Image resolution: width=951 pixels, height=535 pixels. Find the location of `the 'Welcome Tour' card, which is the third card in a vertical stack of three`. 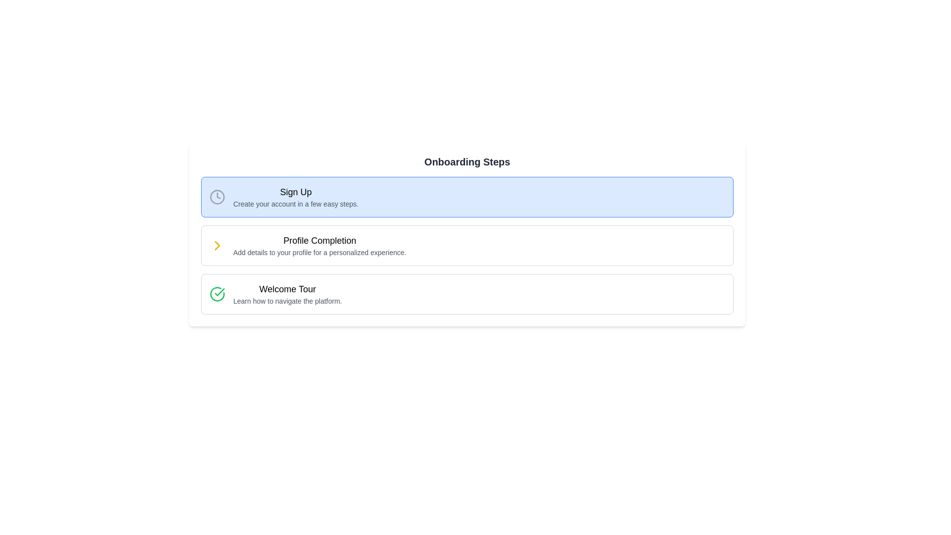

the 'Welcome Tour' card, which is the third card in a vertical stack of three is located at coordinates (467, 294).